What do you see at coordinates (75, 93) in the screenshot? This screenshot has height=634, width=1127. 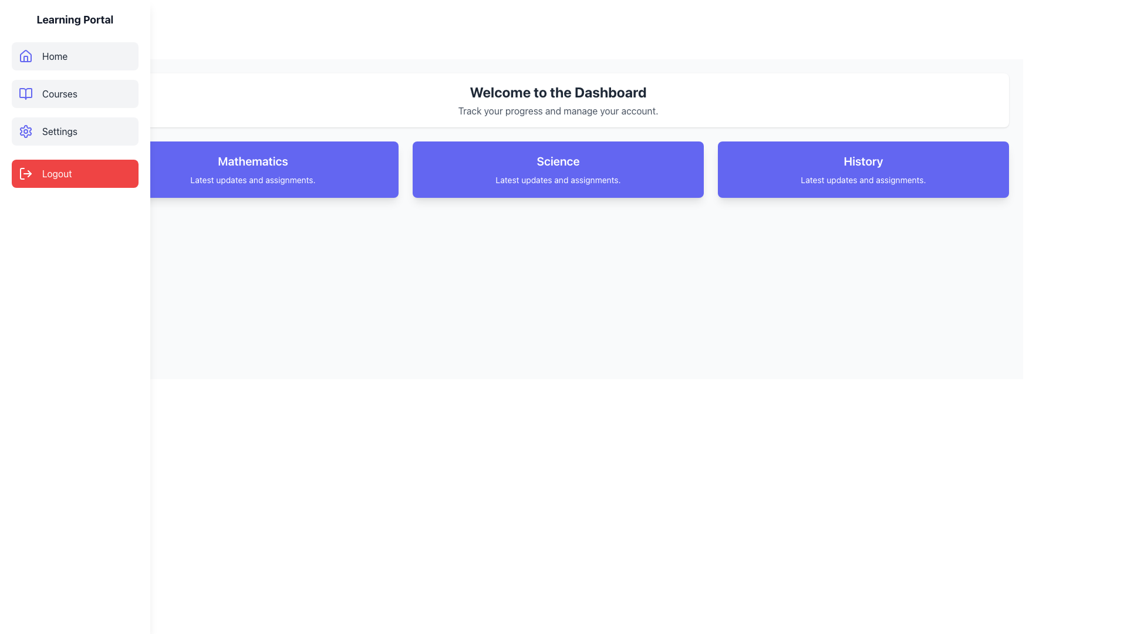 I see `the 'Courses' button which is a rectangular component with a book icon and black text, located below the 'Home' option in the navigation list` at bounding box center [75, 93].